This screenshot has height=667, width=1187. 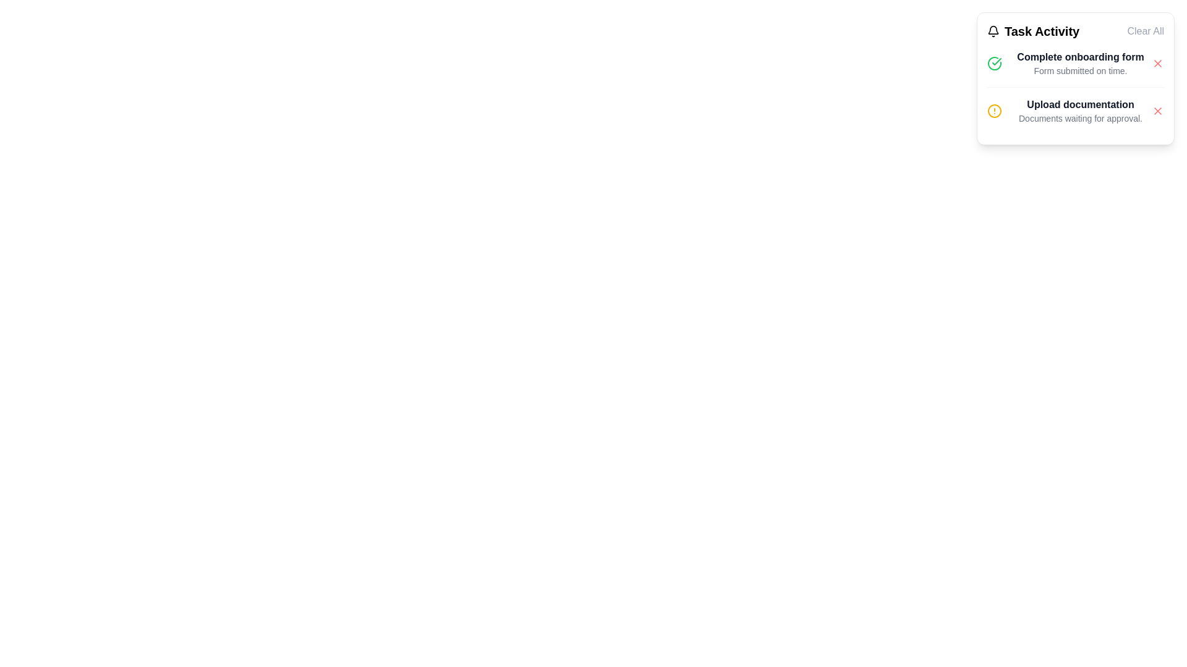 What do you see at coordinates (994, 111) in the screenshot?
I see `the alert or warning icon located to the left of the 'Upload documentation' task in the 'Task Activity' section` at bounding box center [994, 111].